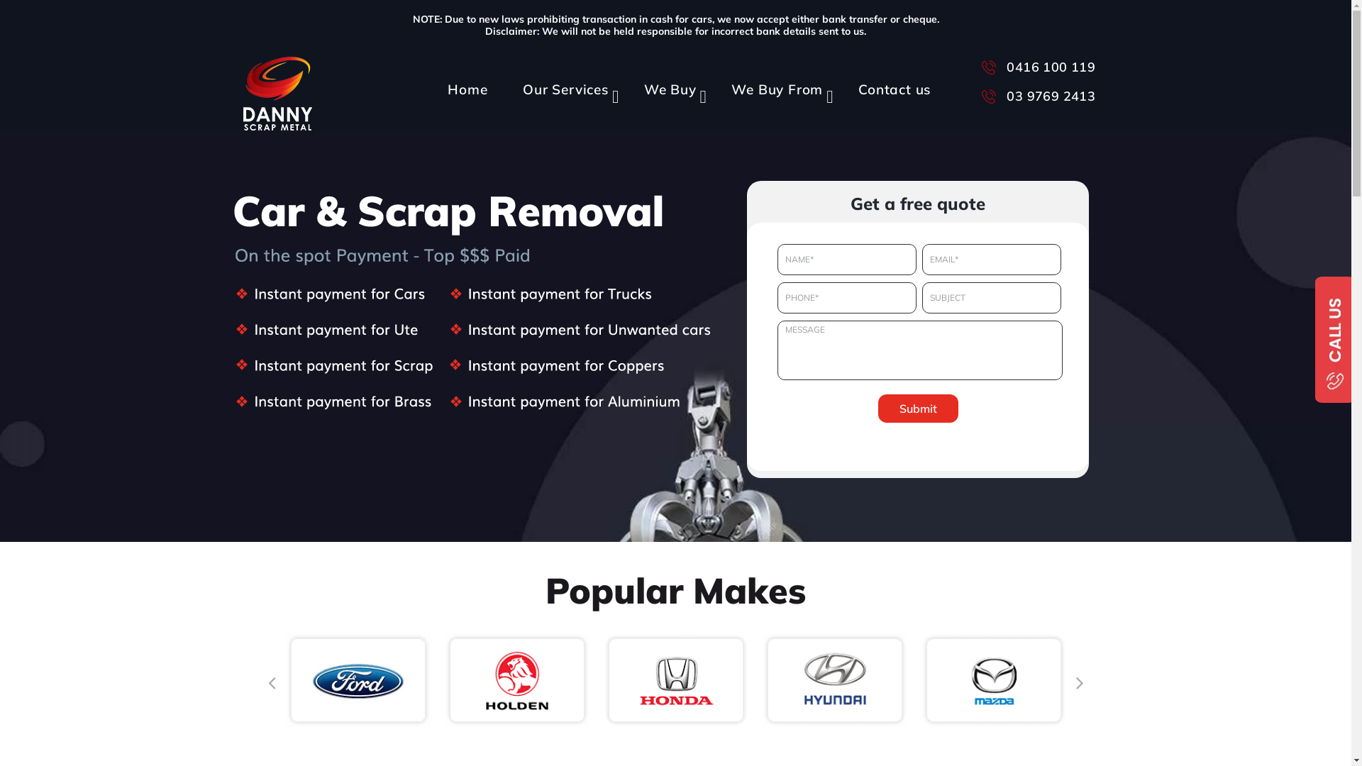  I want to click on '03 9769 2413', so click(1036, 95).